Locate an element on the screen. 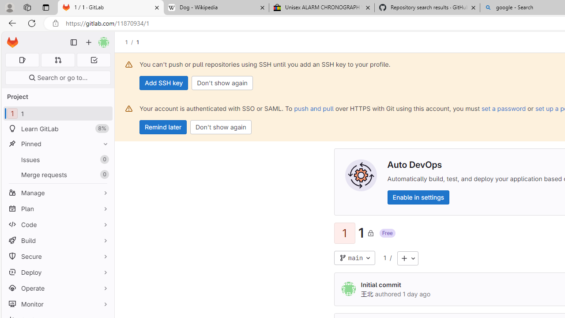 The height and width of the screenshot is (318, 565). 'Class: s16 gl-alert-icon gl-alert-icon-no-title' is located at coordinates (128, 108).